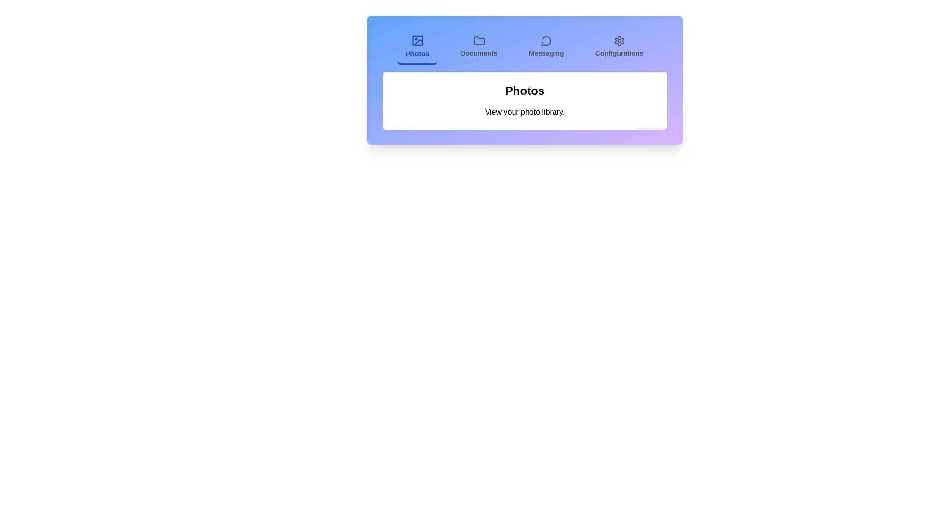 The image size is (925, 520). I want to click on the Messaging tab to view its content, so click(546, 48).